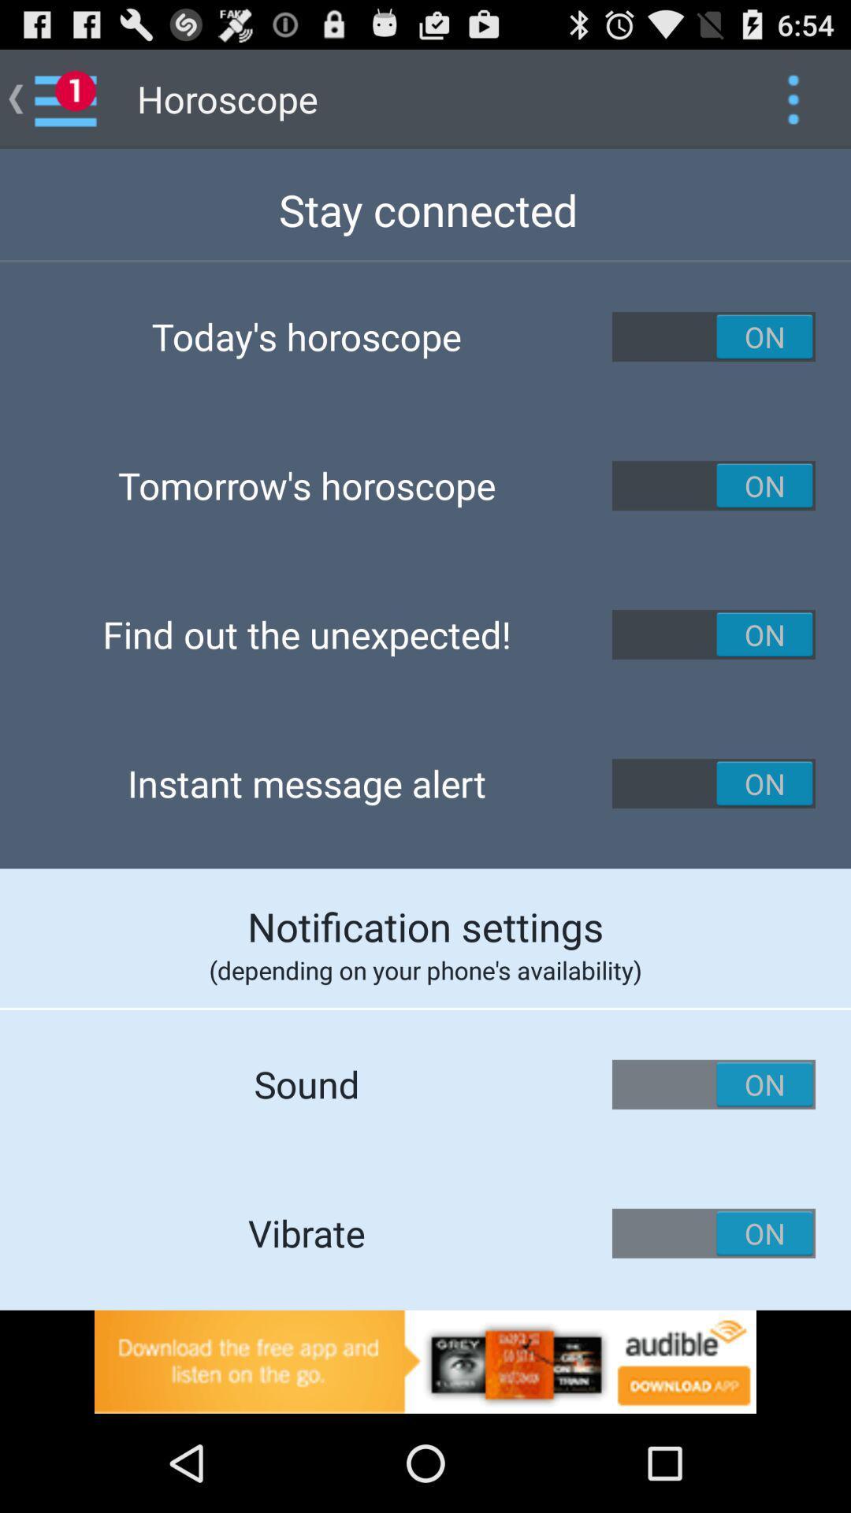 The image size is (851, 1513). What do you see at coordinates (714, 1232) in the screenshot?
I see `vibrate toggle` at bounding box center [714, 1232].